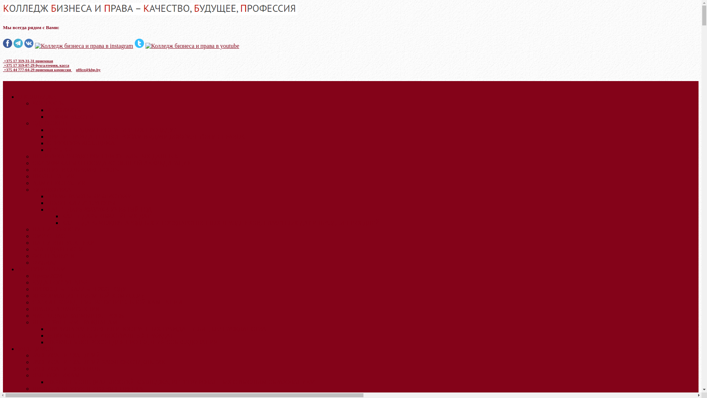 The height and width of the screenshot is (398, 707). Describe the element at coordinates (88, 70) in the screenshot. I see `'office@kbp.by'` at that location.